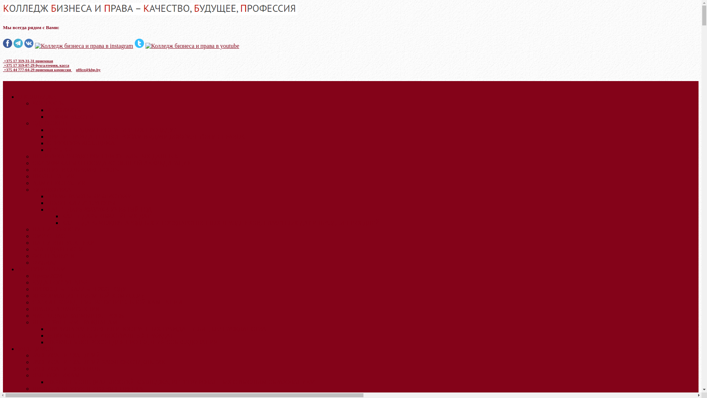 The height and width of the screenshot is (398, 707). Describe the element at coordinates (88, 70) in the screenshot. I see `'office@kbp.by'` at that location.